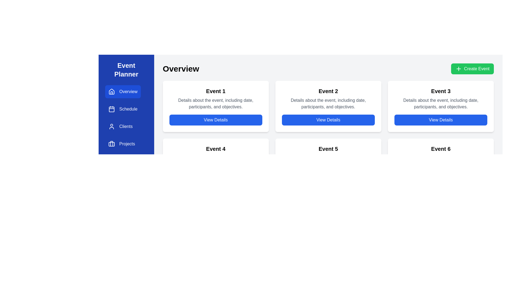 This screenshot has width=523, height=294. Describe the element at coordinates (111, 93) in the screenshot. I see `the vertical rectangle with rounded sides that represents a door within the house icon, located in the left vertical blue sidebar of the application, specifically in the first row of the navigation menu` at that location.